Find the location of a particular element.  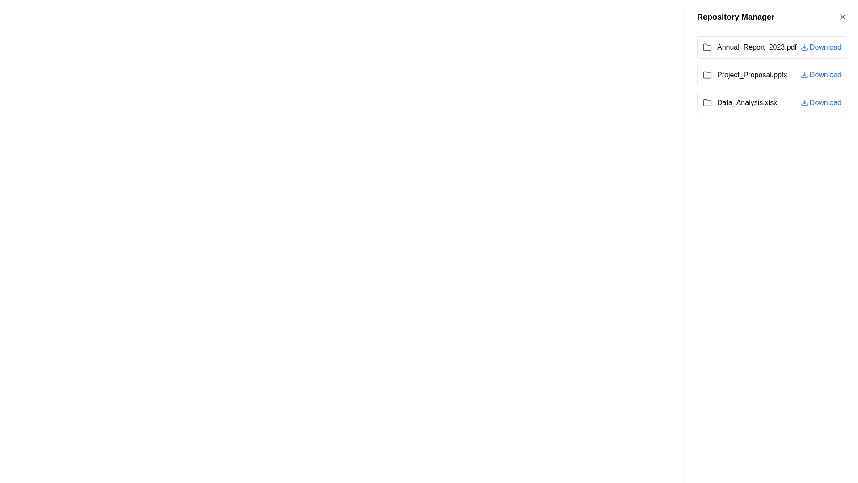

the 'Data_Analysis.xlsx' file item, which is represented by a folder icon and is located in the 'Repository Manager' section of the right-hand panel is located at coordinates (740, 102).